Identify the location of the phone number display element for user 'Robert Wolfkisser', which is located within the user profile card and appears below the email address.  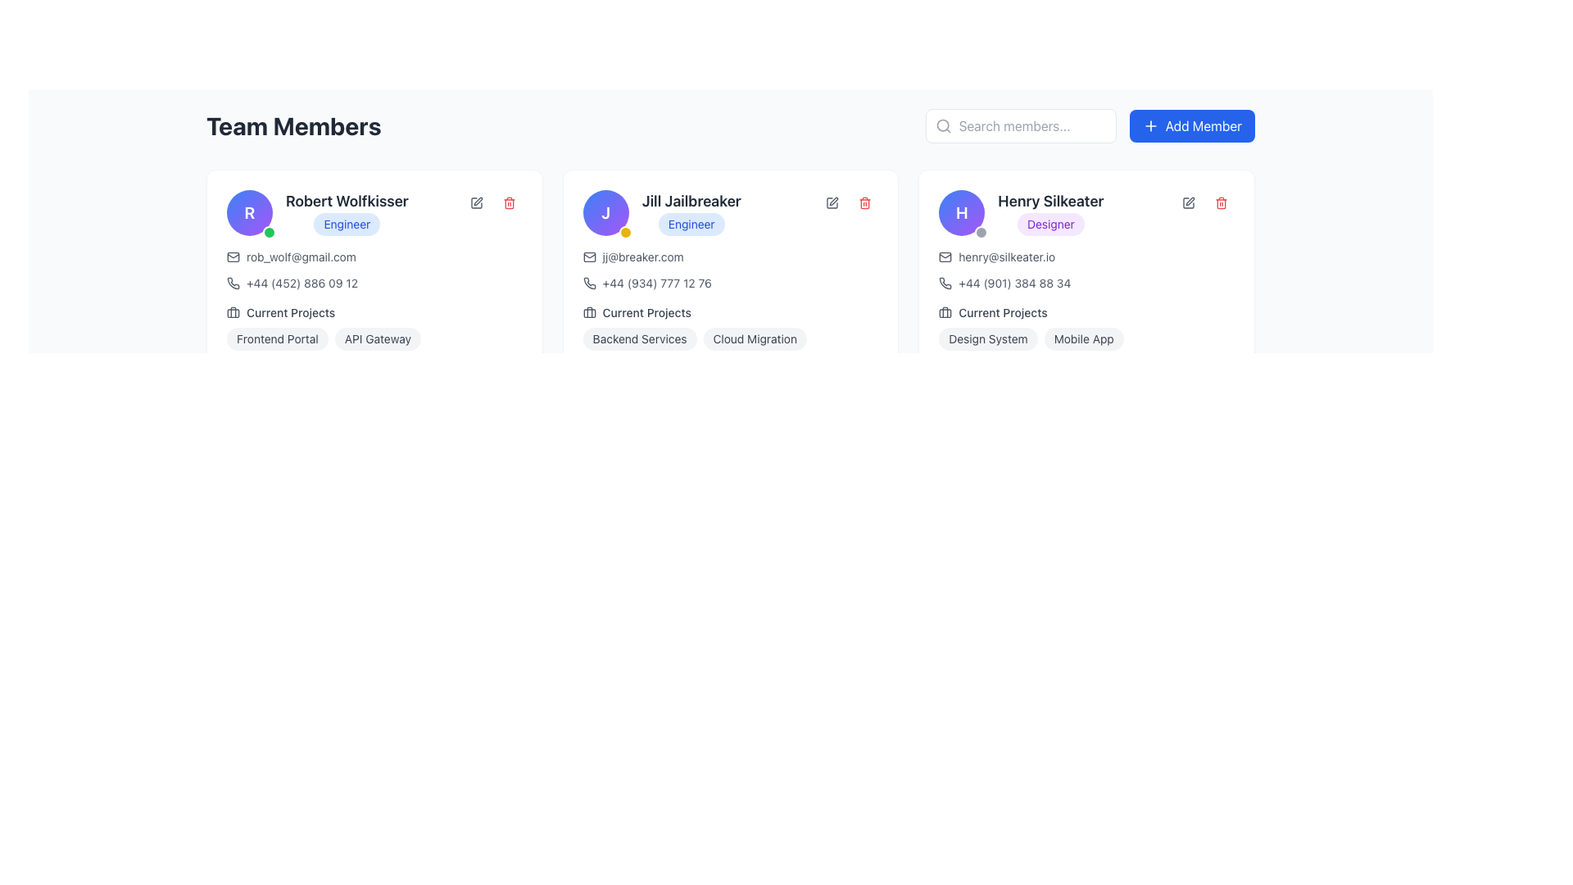
(374, 283).